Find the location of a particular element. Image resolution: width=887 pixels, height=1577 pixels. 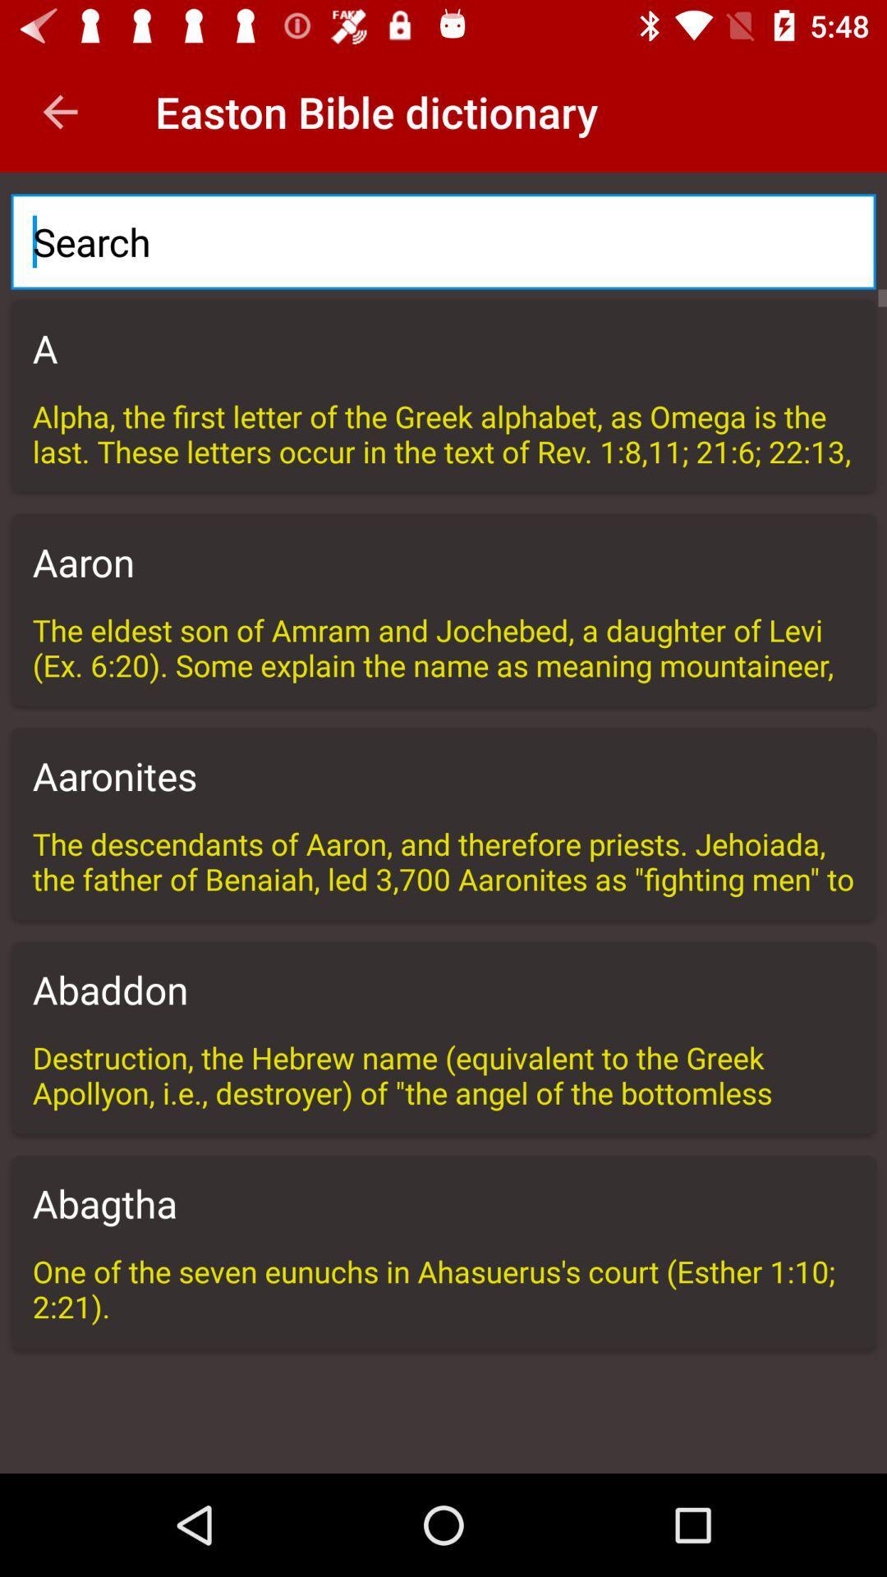

search box is located at coordinates (443, 241).